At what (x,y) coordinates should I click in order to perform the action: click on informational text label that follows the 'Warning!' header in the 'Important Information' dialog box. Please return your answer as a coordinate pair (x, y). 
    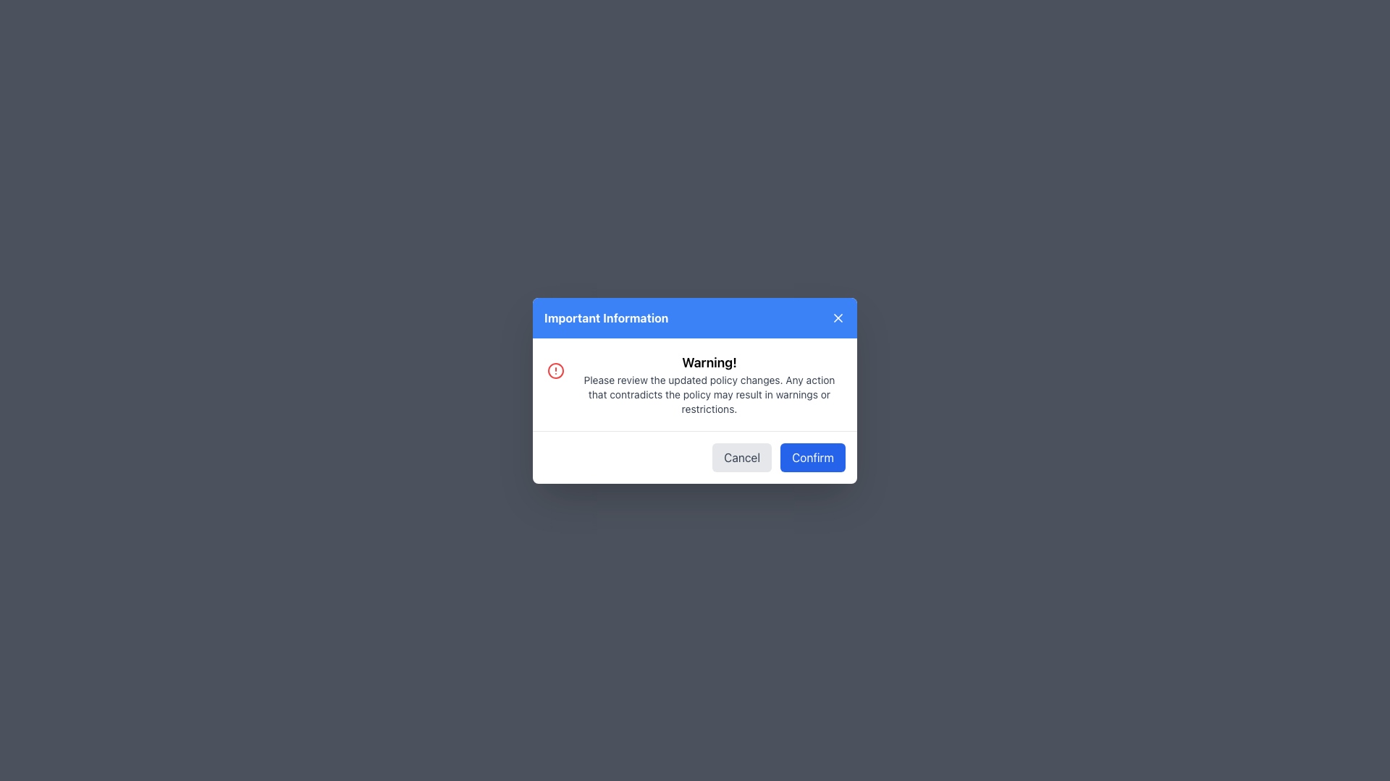
    Looking at the image, I should click on (709, 394).